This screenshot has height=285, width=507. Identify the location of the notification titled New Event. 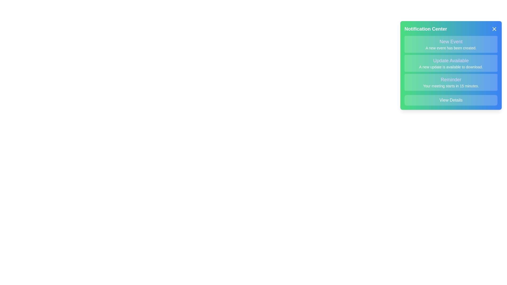
(451, 44).